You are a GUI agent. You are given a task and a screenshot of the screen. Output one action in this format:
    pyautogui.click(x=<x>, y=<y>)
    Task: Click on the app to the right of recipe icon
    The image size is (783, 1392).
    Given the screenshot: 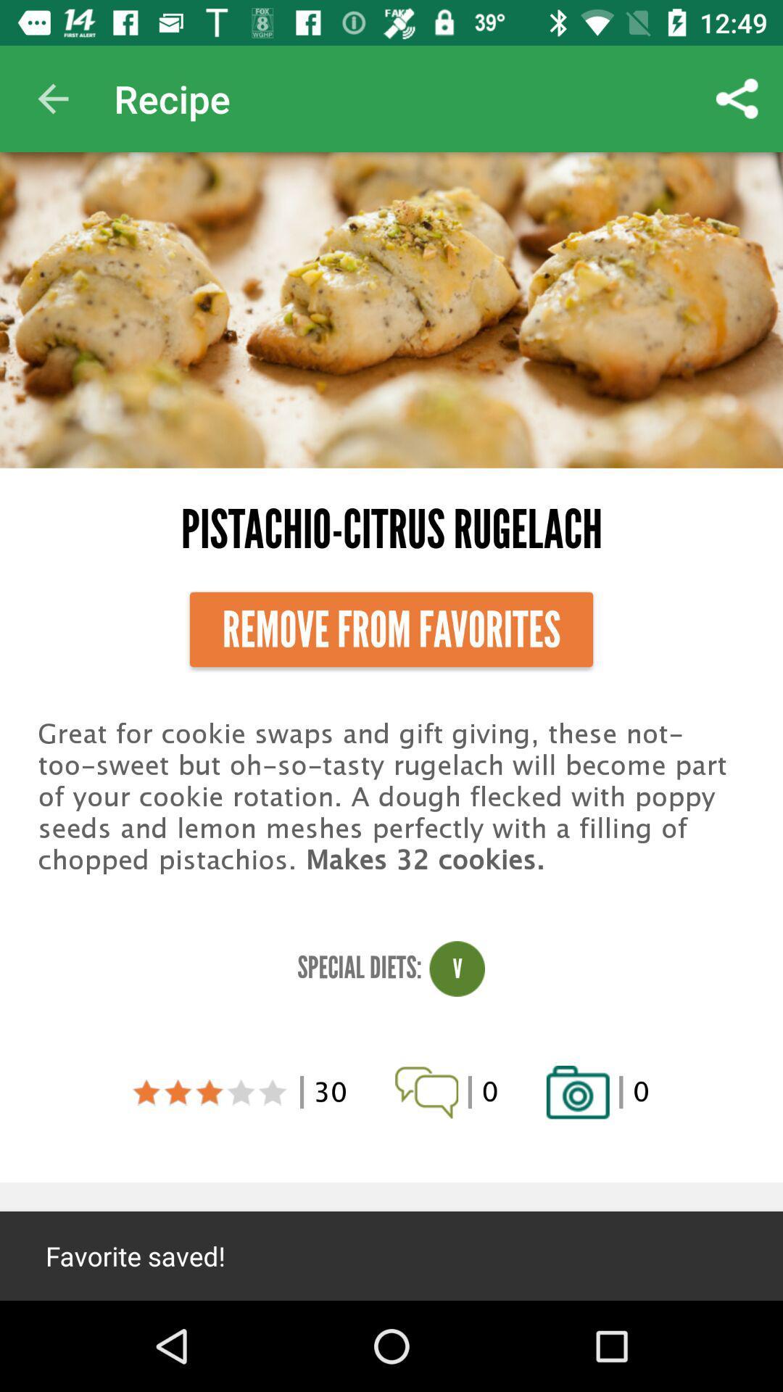 What is the action you would take?
    pyautogui.click(x=737, y=98)
    